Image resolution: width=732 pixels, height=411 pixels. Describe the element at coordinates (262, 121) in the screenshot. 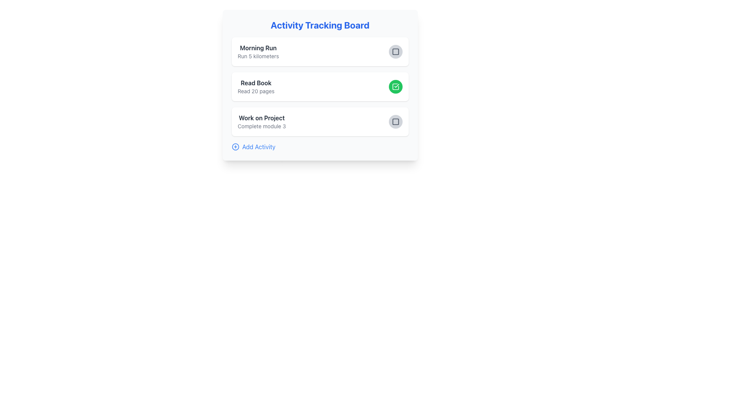

I see `text content of the Text Display element that shows 'Work on Project' and 'Complete module 3', located under the 'Activity Tracking Board'` at that location.